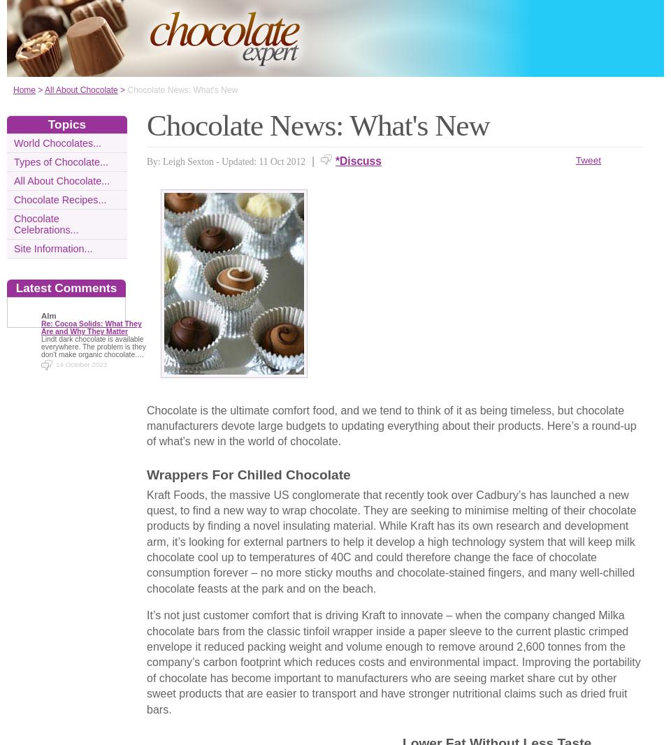  Describe the element at coordinates (310, 160) in the screenshot. I see `'|'` at that location.